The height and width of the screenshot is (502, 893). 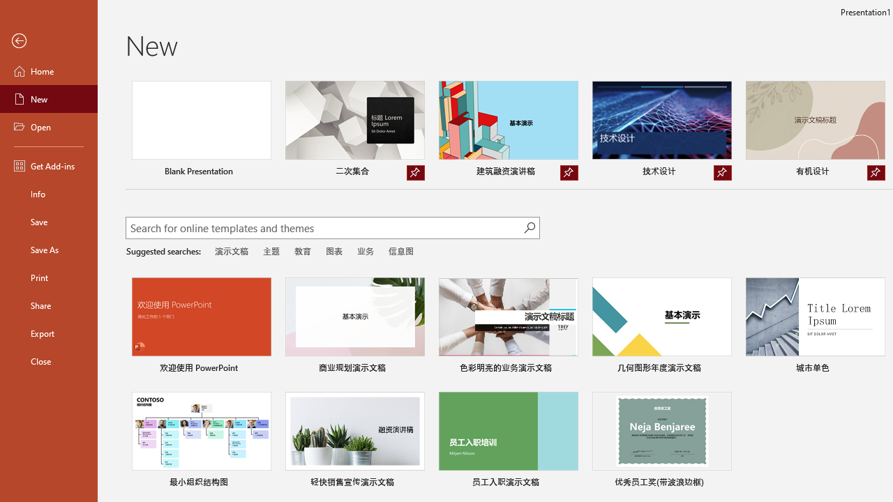 What do you see at coordinates (48, 193) in the screenshot?
I see `'Info'` at bounding box center [48, 193].